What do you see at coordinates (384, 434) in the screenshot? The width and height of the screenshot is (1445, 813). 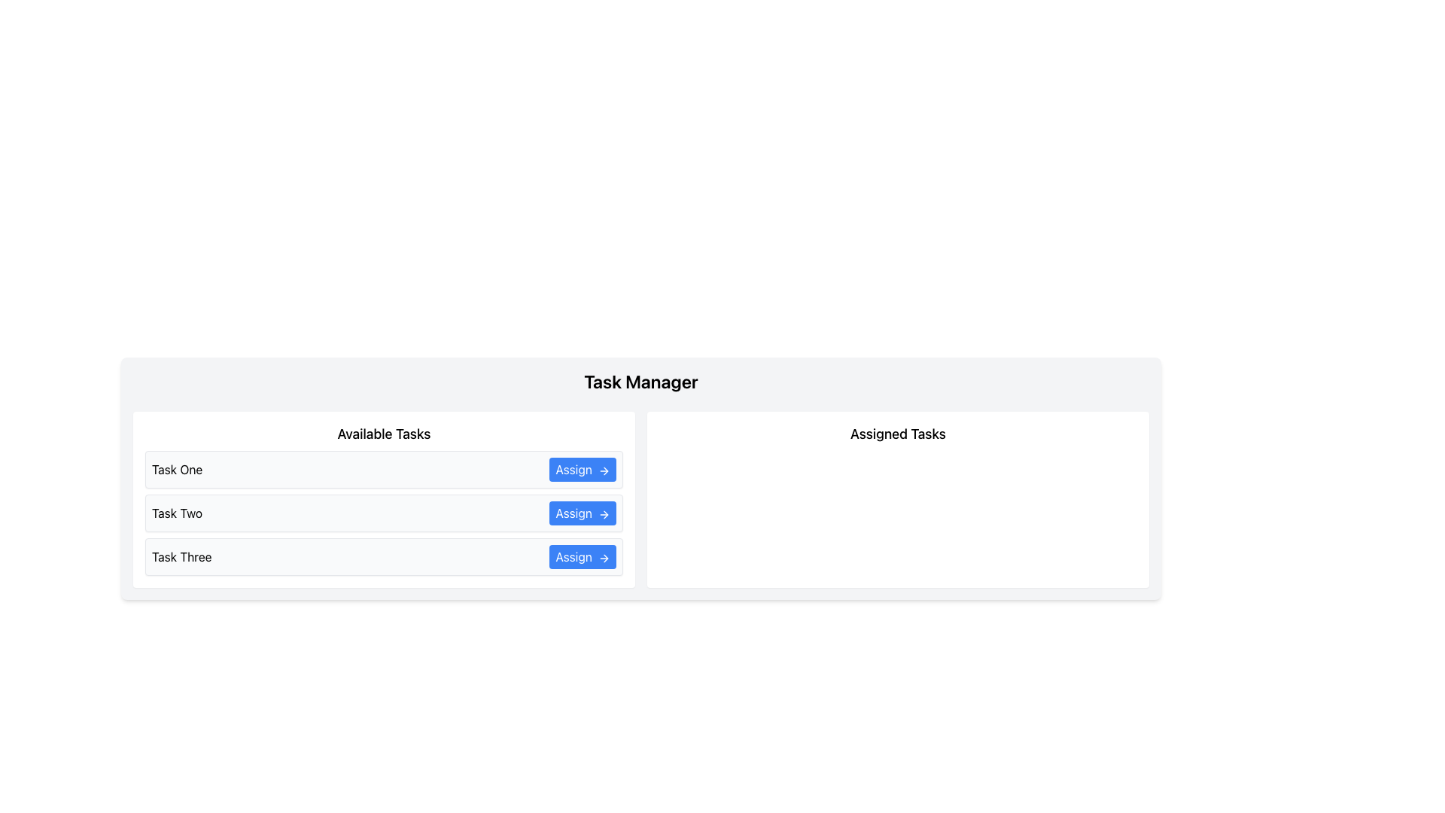 I see `the 'Available Tasks' text label, which is a prominent heading in bold font located at the top of the tasks section` at bounding box center [384, 434].